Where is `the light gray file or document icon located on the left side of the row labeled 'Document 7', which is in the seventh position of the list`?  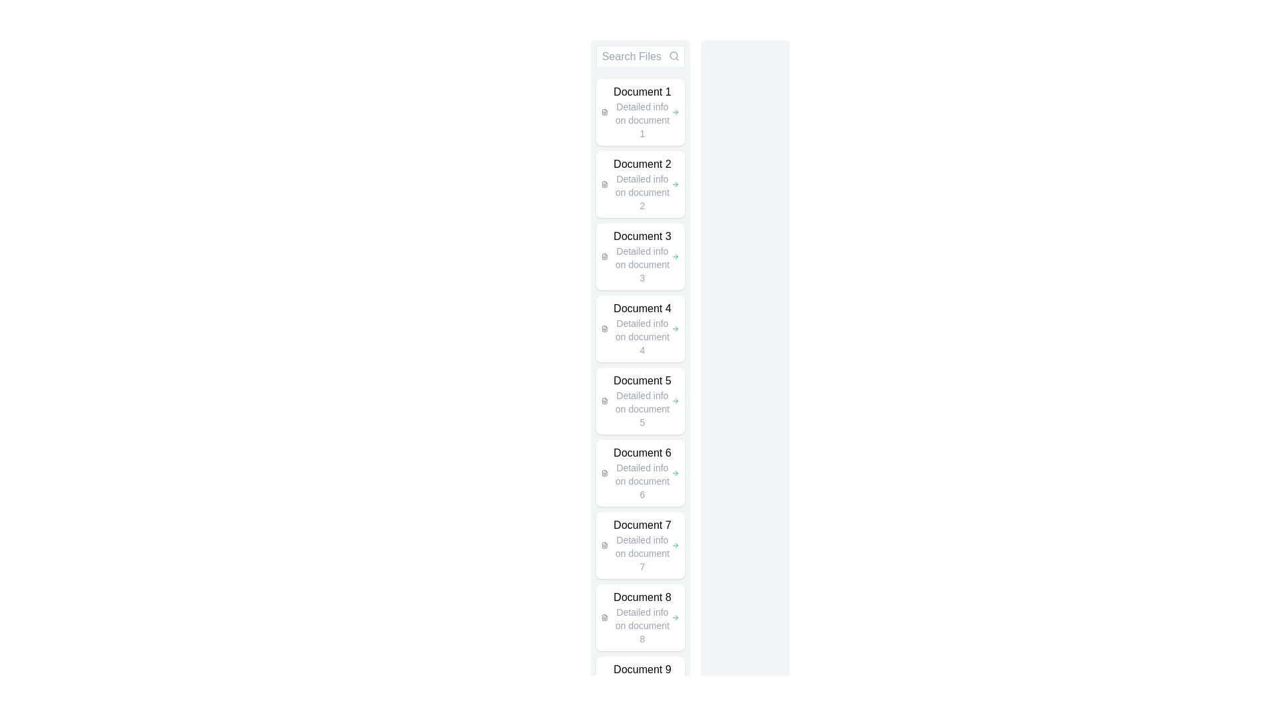
the light gray file or document icon located on the left side of the row labeled 'Document 7', which is in the seventh position of the list is located at coordinates (603, 546).